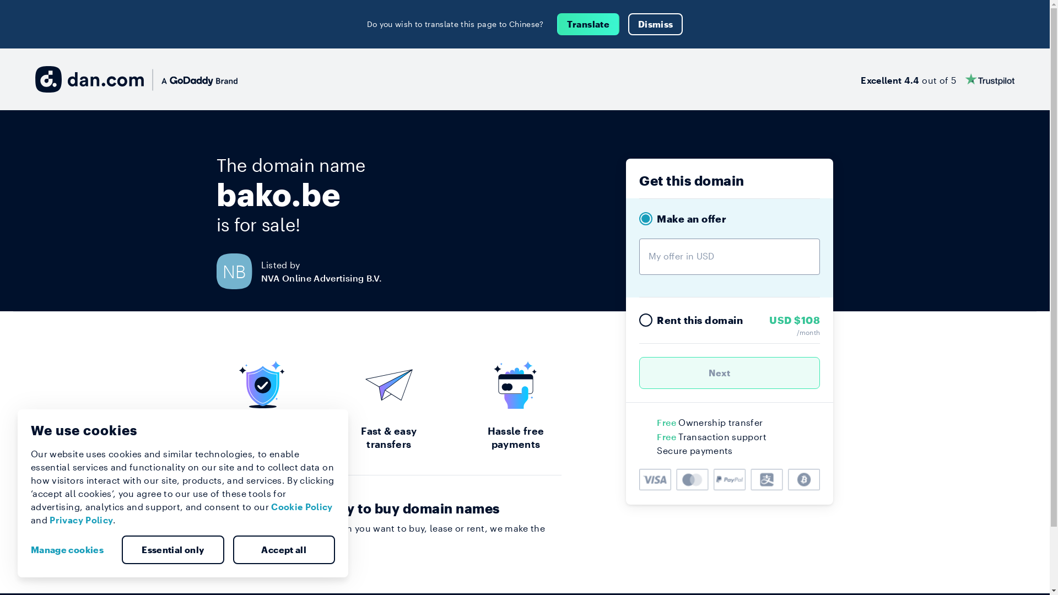 This screenshot has height=595, width=1058. Describe the element at coordinates (71, 550) in the screenshot. I see `'Manage cookies'` at that location.